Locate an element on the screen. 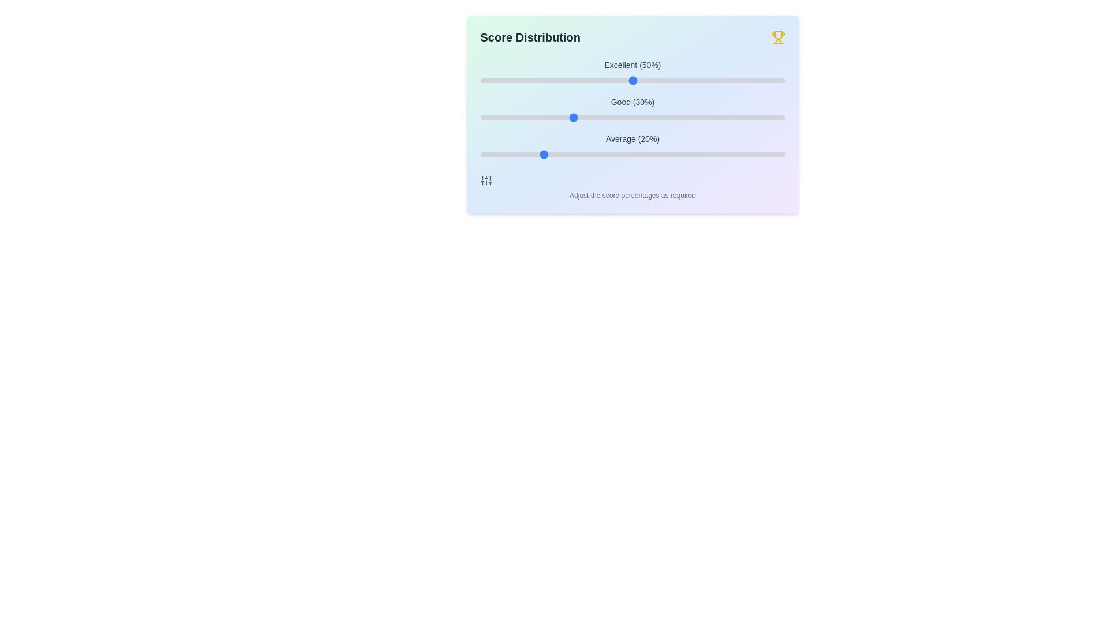 The height and width of the screenshot is (623, 1108). the 'Average' slider to 47% is located at coordinates (623, 153).